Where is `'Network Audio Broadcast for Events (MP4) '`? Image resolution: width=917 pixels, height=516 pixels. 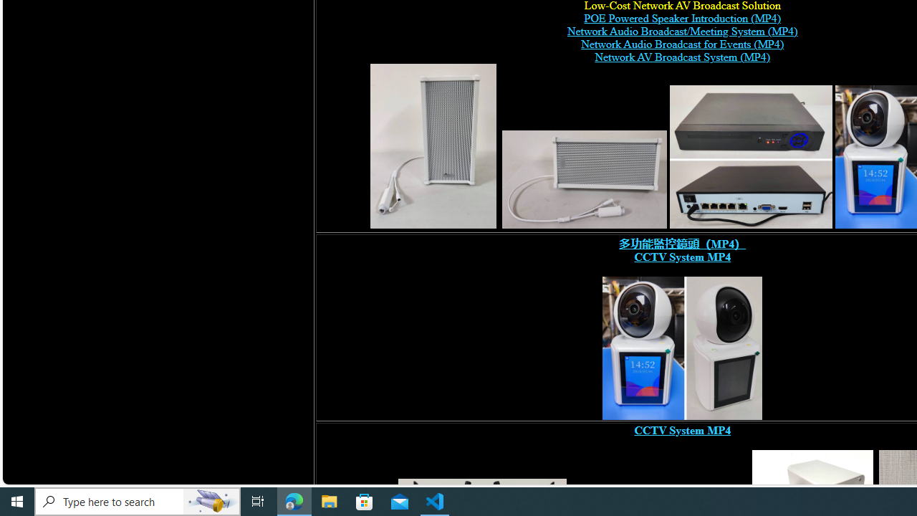
'Network Audio Broadcast for Events (MP4) ' is located at coordinates (681, 44).